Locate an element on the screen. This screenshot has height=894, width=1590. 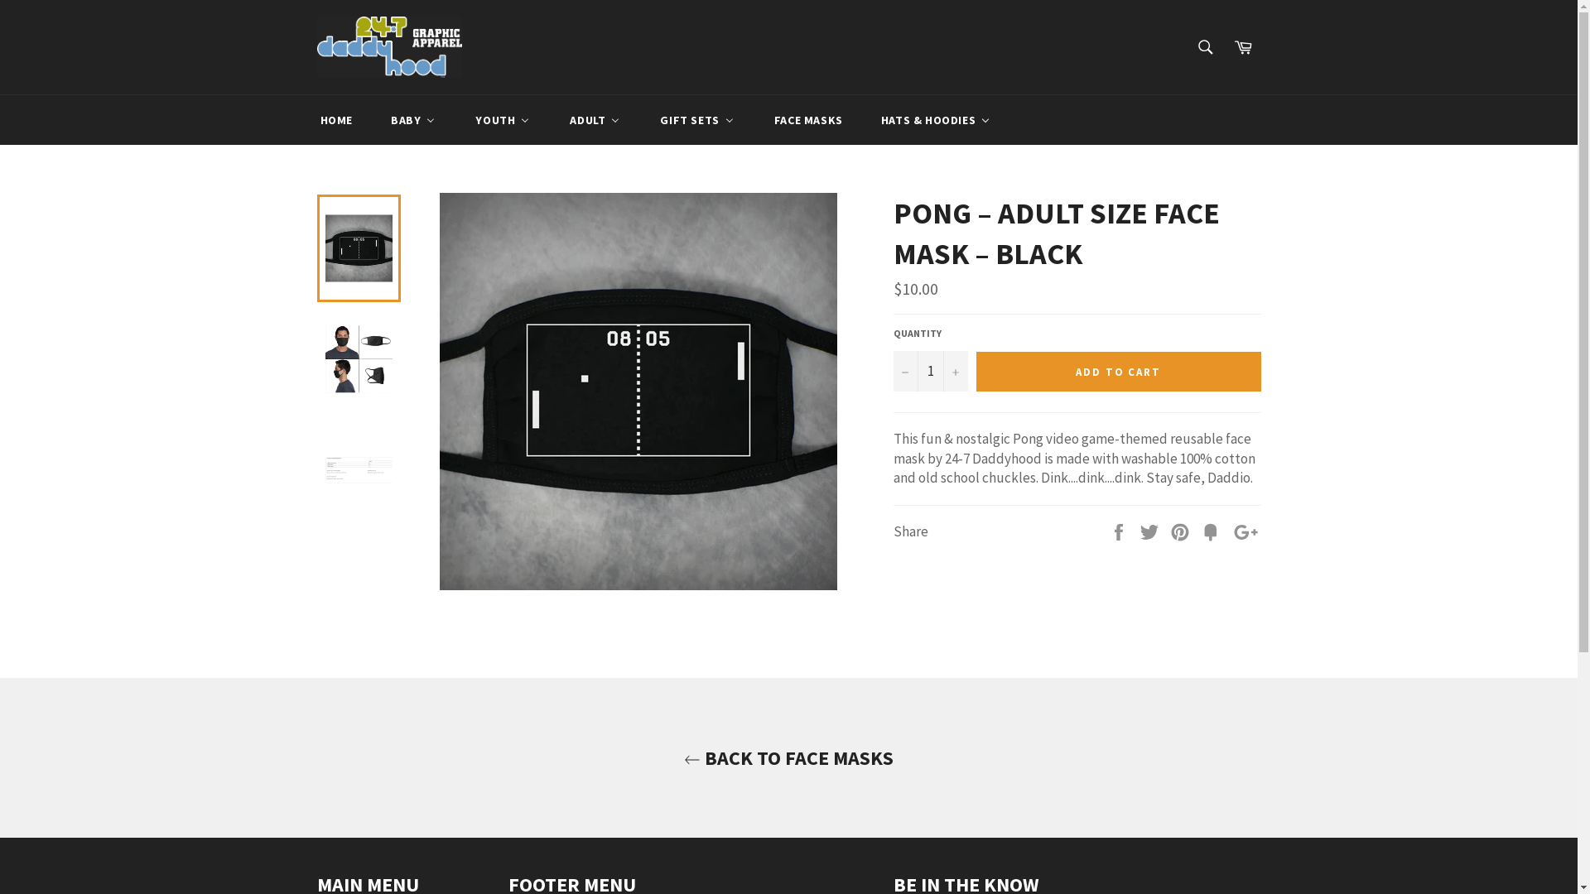
'Search' is located at coordinates (1205, 46).